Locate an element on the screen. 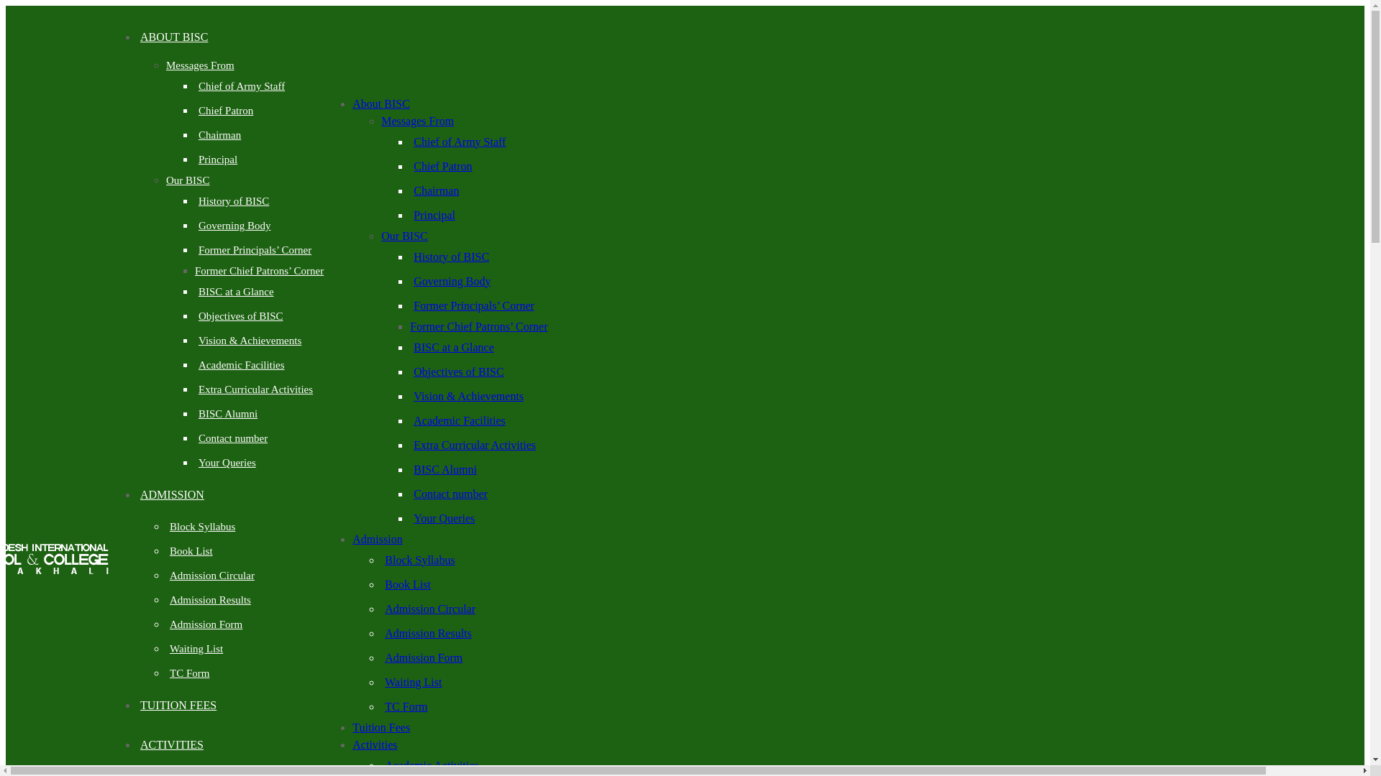  'Admission' is located at coordinates (352, 539).